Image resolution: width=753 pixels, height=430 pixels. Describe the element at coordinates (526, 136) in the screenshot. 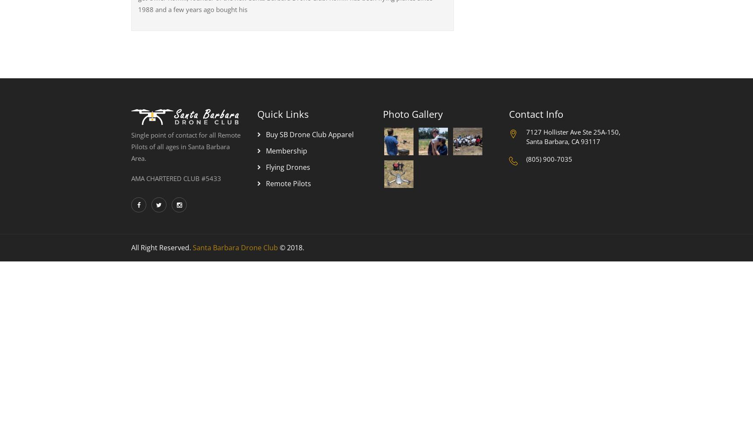

I see `'7127 Hollister Ave Ste 25A-150, Santa Barbara, CA 93117'` at that location.